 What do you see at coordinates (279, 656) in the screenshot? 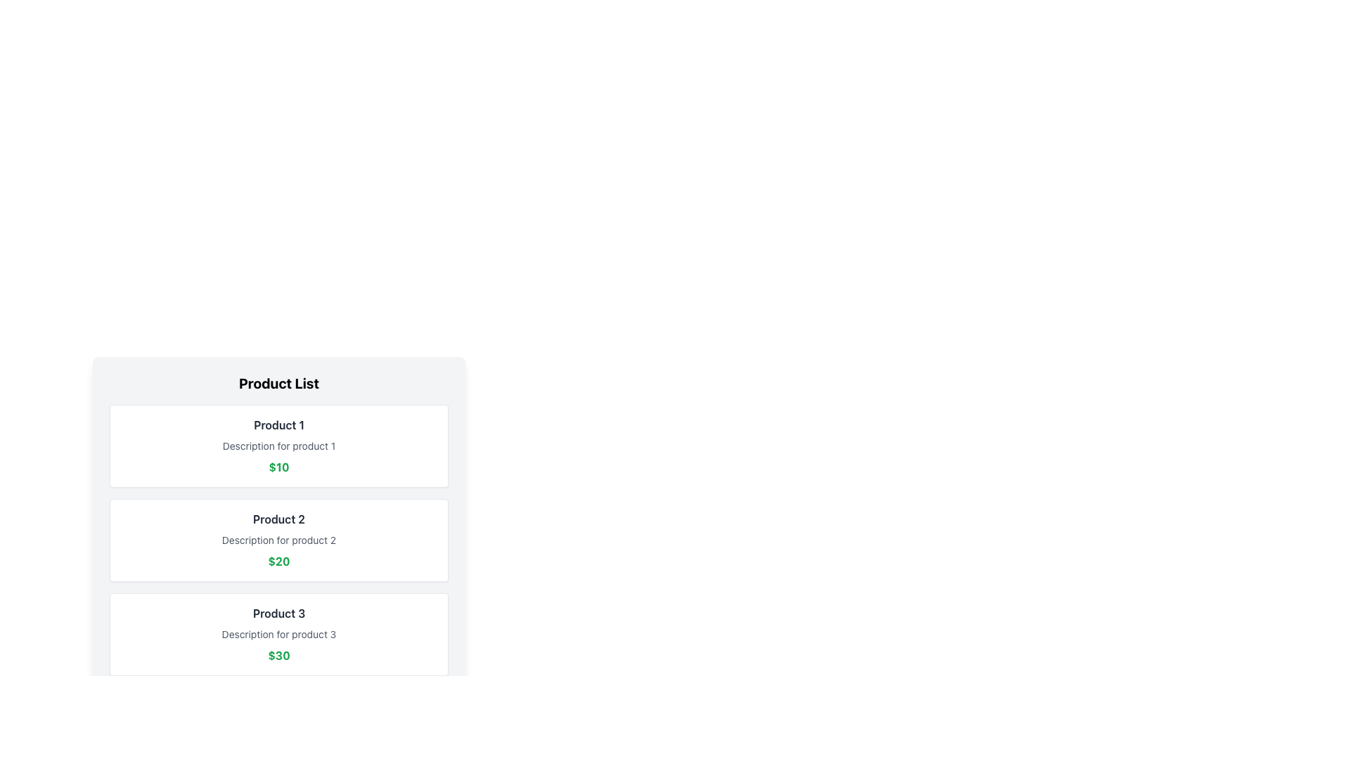
I see `the Text Label displaying the price of $30 for Product 3, which is the last item in a vertical series of price labels` at bounding box center [279, 656].